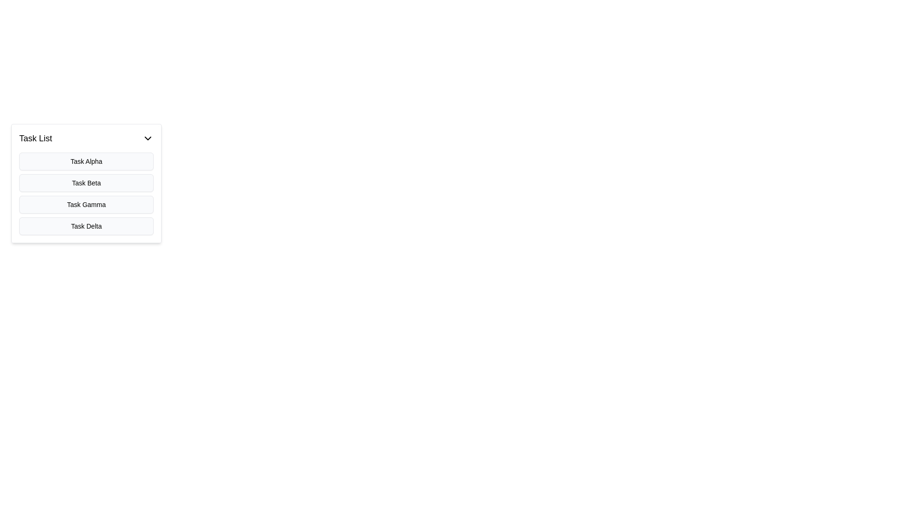 The width and height of the screenshot is (902, 507). What do you see at coordinates (86, 183) in the screenshot?
I see `the task button in the 'Task List' interface, which includes options like 'Task Alpha', 'Task Beta', 'Task Gamma', and 'Task Delta'` at bounding box center [86, 183].